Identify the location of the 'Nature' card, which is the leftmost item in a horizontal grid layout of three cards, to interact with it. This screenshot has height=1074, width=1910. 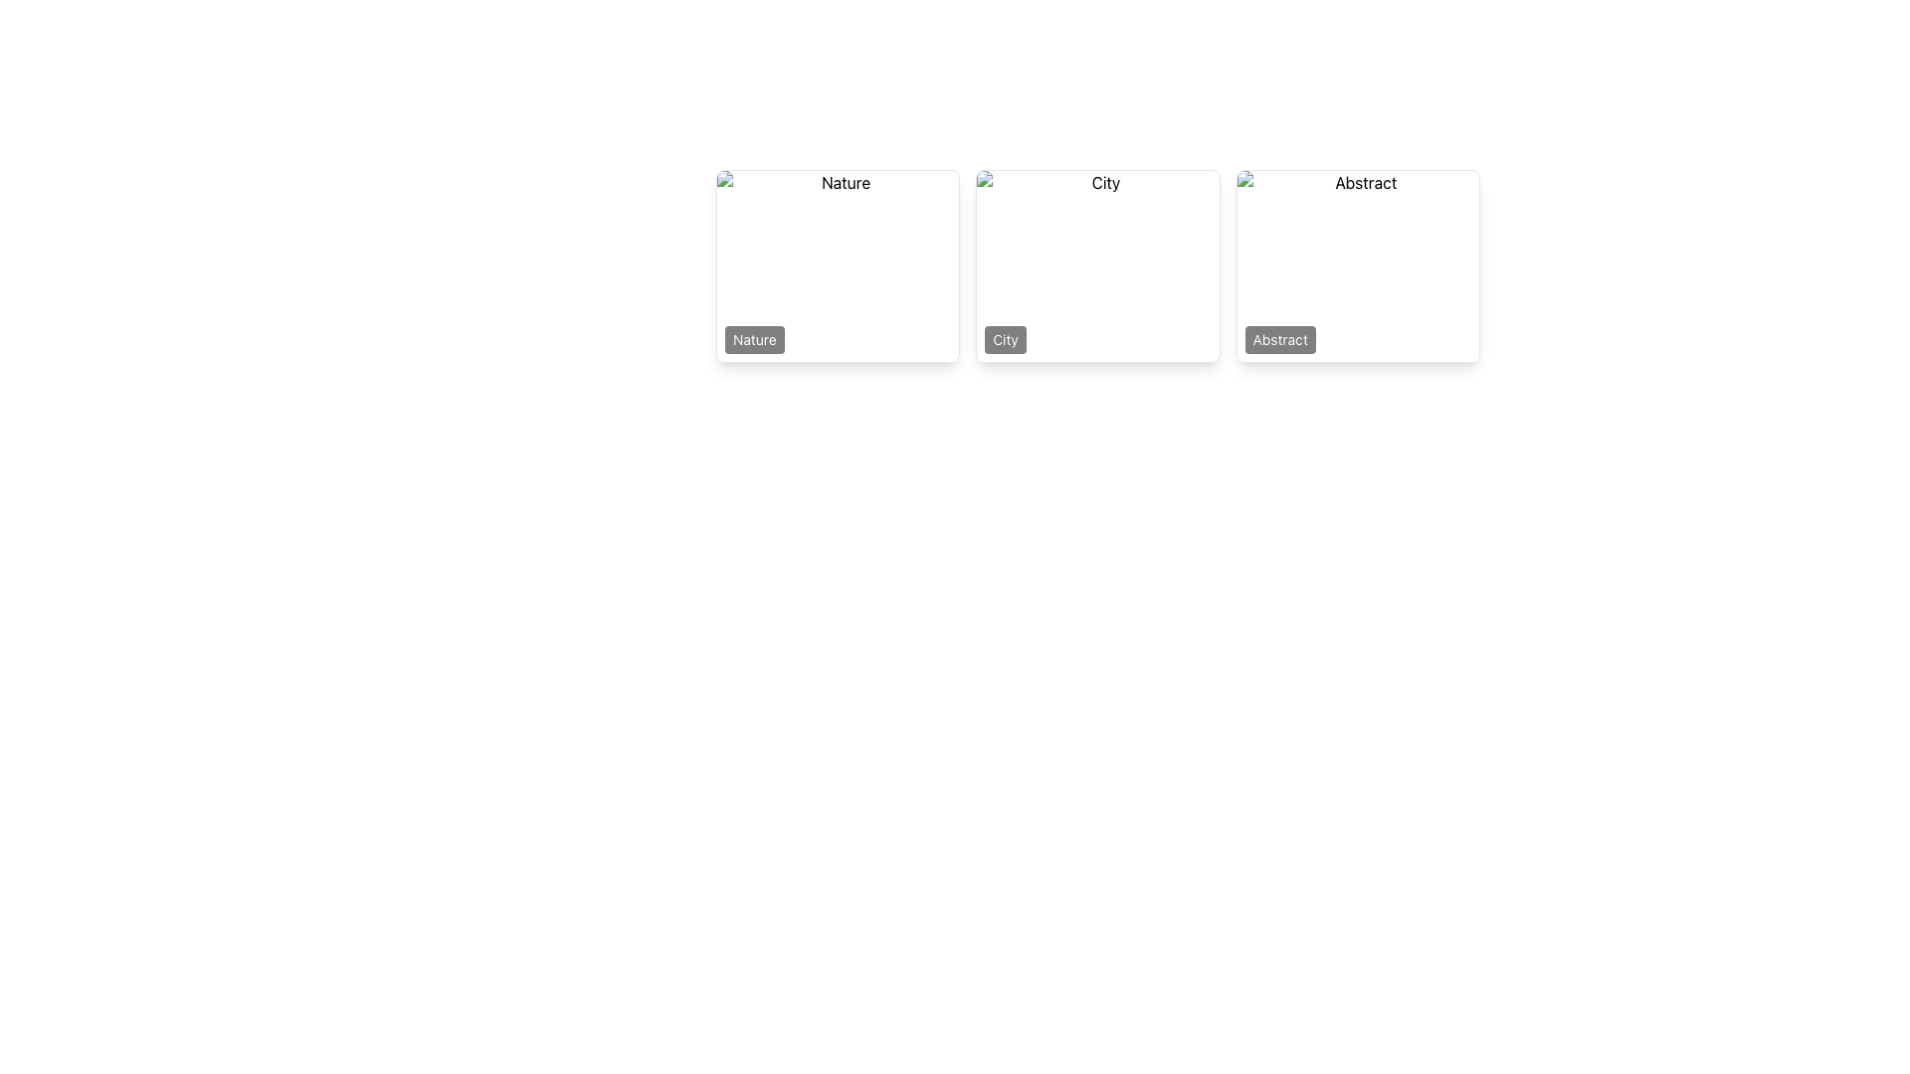
(838, 265).